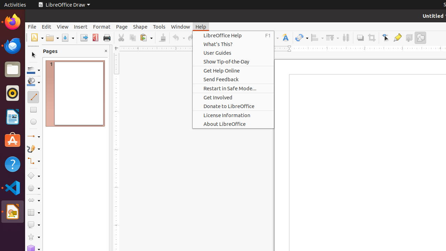 This screenshot has width=446, height=251. What do you see at coordinates (68, 38) in the screenshot?
I see `'Save'` at bounding box center [68, 38].